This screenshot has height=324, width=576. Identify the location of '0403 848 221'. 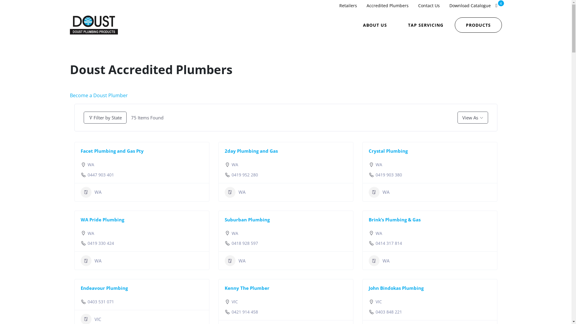
(389, 312).